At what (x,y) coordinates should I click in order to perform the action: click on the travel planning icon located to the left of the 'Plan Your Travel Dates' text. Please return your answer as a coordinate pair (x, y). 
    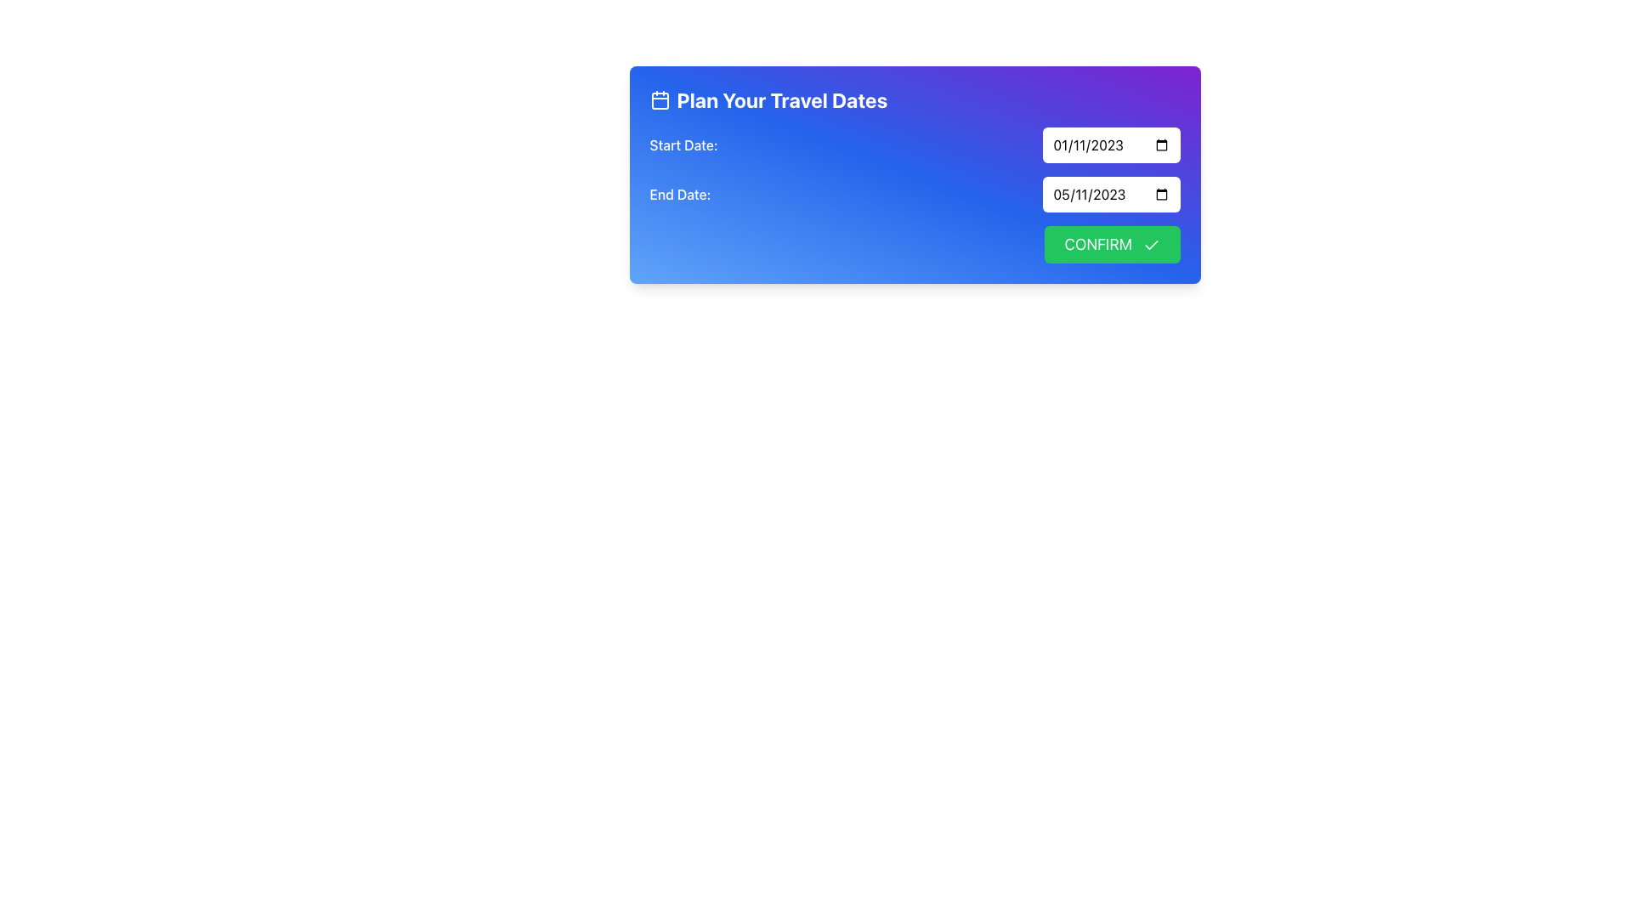
    Looking at the image, I should click on (659, 100).